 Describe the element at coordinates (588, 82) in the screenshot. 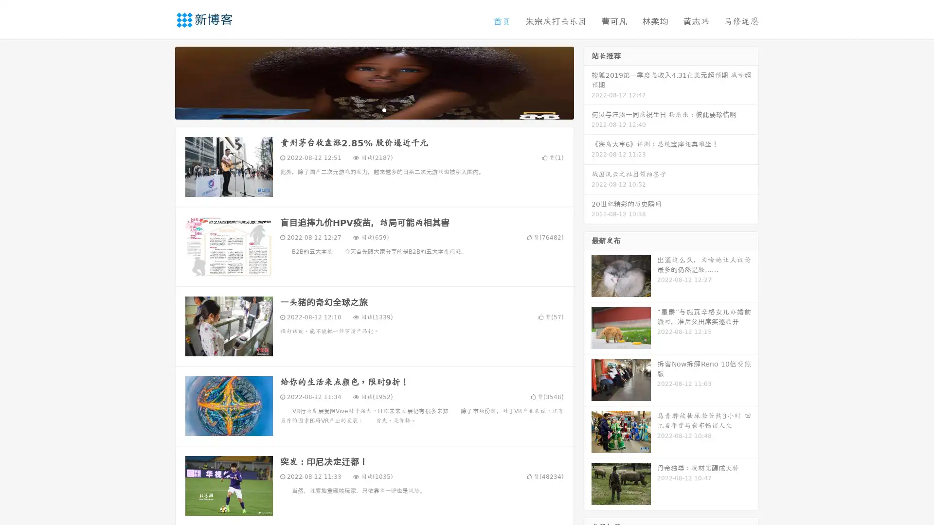

I see `Next slide` at that location.